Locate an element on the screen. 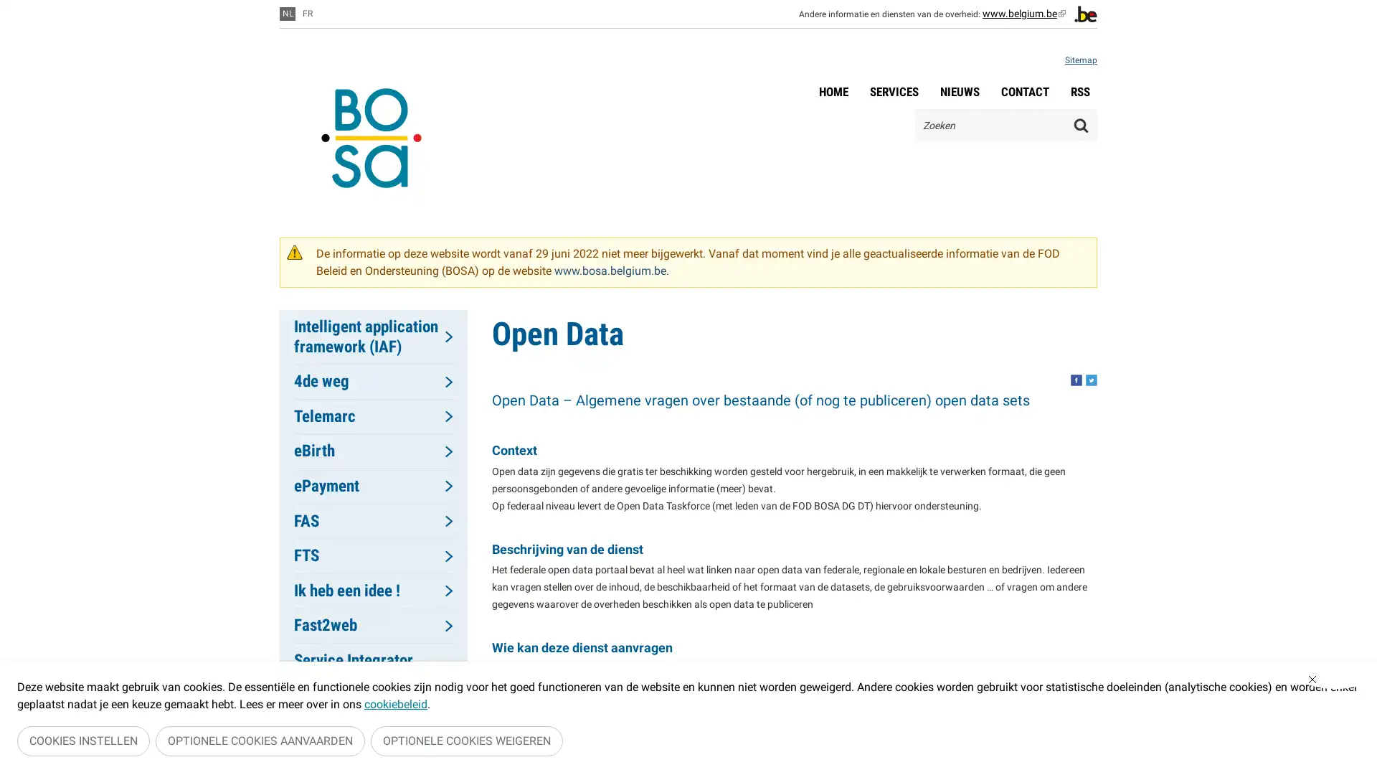  COOKIES INSTELLEN is located at coordinates (82, 742).